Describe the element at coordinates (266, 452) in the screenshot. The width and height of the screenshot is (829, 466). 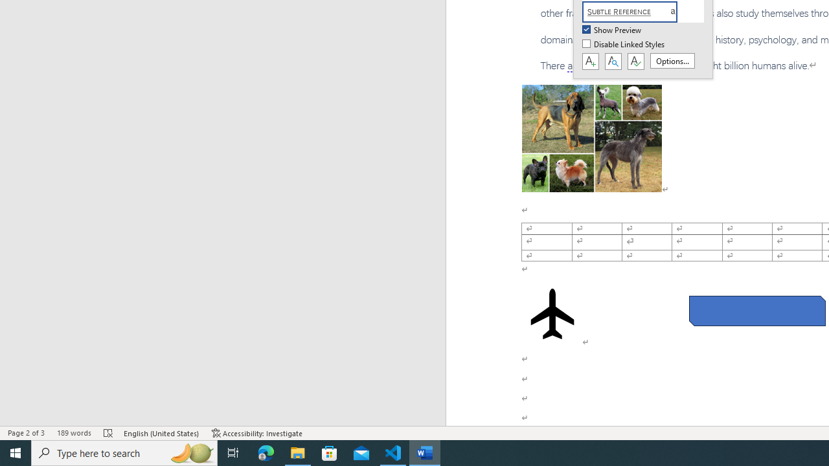
I see `'Microsoft Edge'` at that location.